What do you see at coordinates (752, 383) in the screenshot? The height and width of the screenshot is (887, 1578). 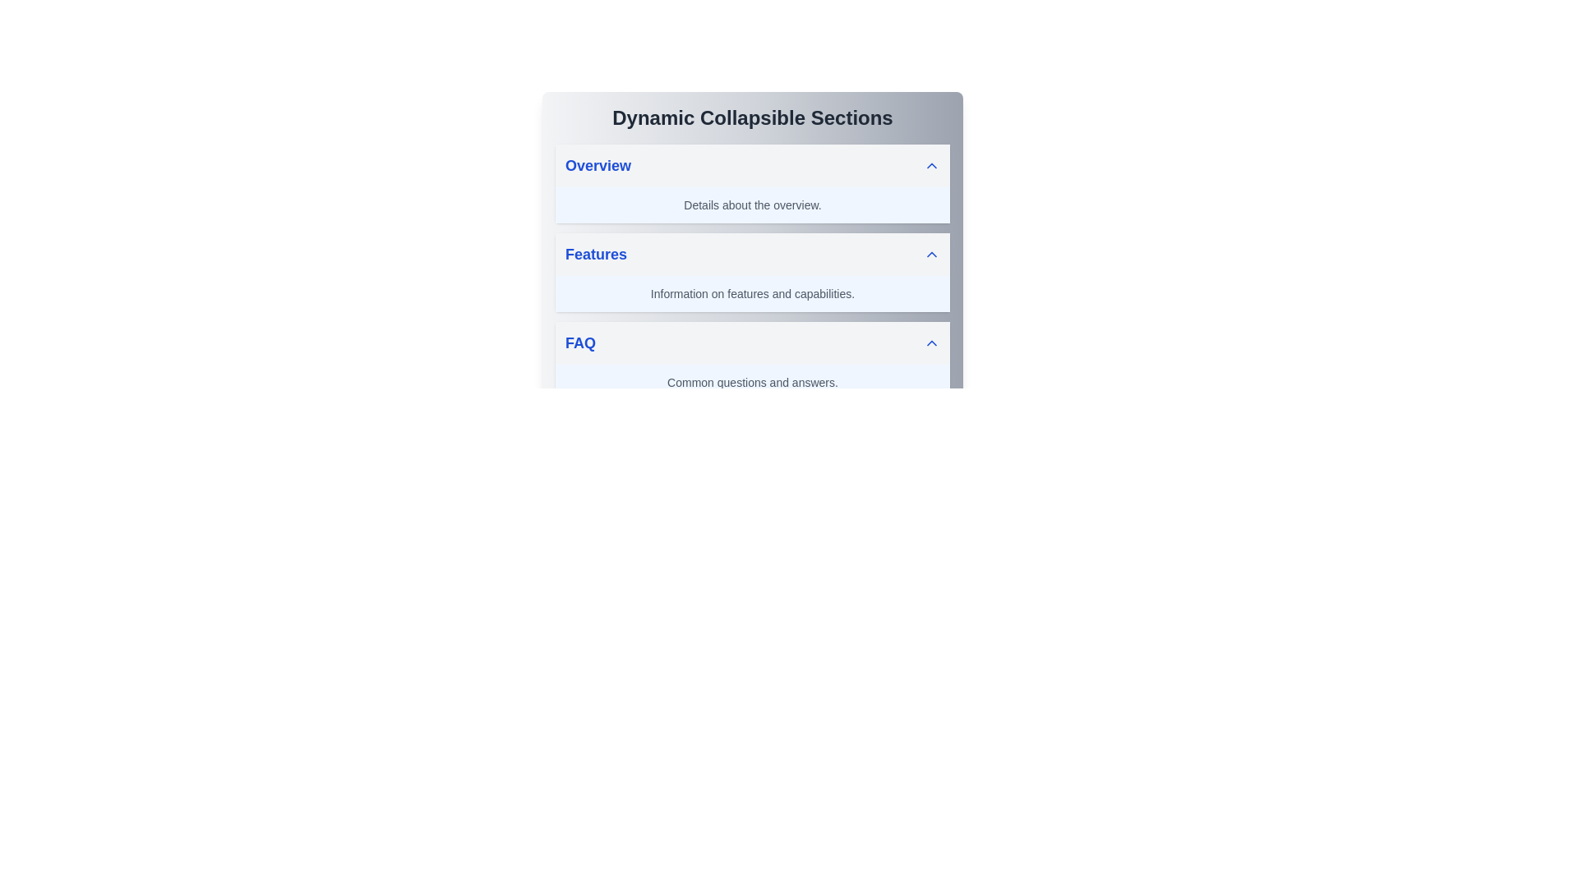 I see `the text block with a light blue background and gray text reading 'Common questions and answers' located in the 'FAQ' section` at bounding box center [752, 383].